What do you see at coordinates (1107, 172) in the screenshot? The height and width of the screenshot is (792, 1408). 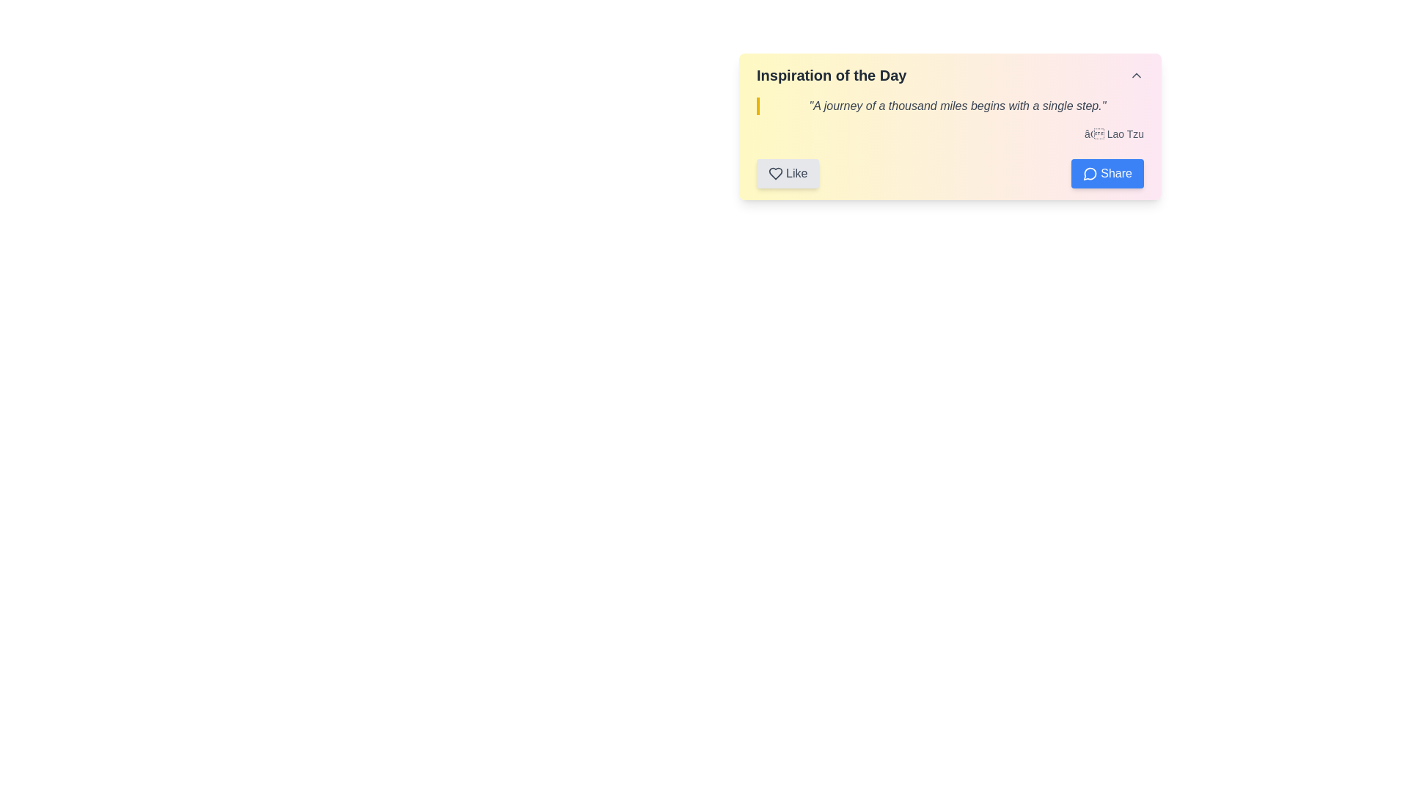 I see `the rightmost button in the card interface to initiate sharing` at bounding box center [1107, 172].